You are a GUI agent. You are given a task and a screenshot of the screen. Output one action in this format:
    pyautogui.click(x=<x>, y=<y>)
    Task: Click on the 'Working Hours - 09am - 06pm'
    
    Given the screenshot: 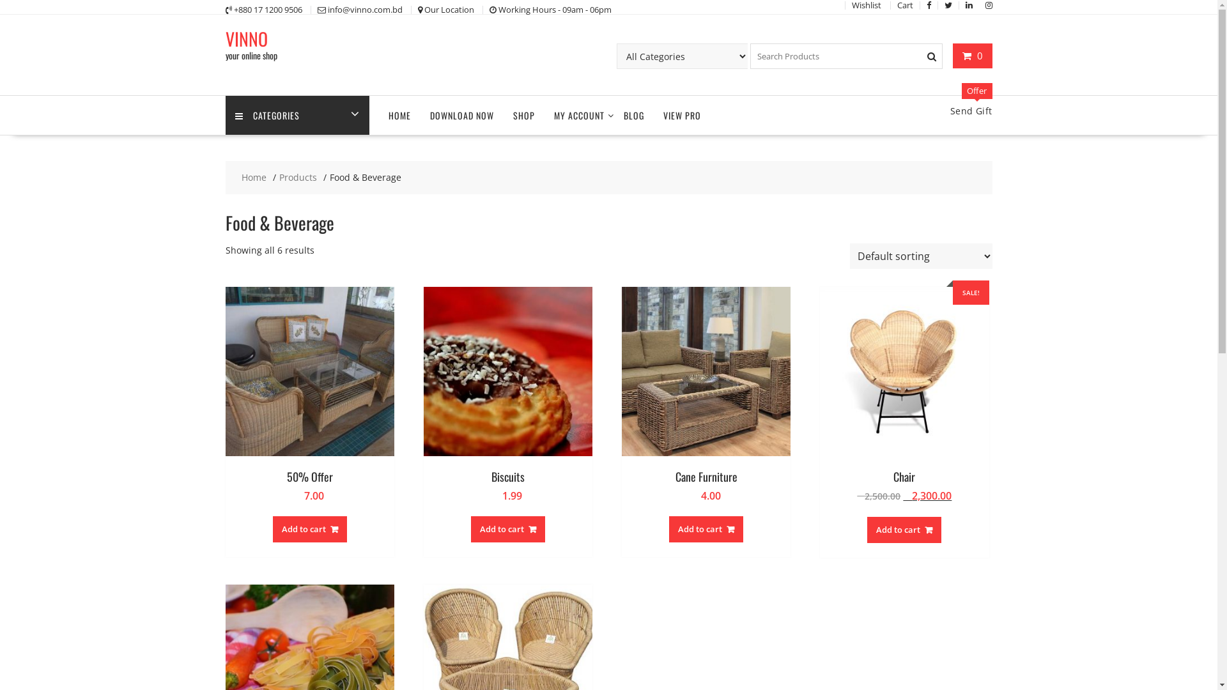 What is the action you would take?
    pyautogui.click(x=555, y=10)
    